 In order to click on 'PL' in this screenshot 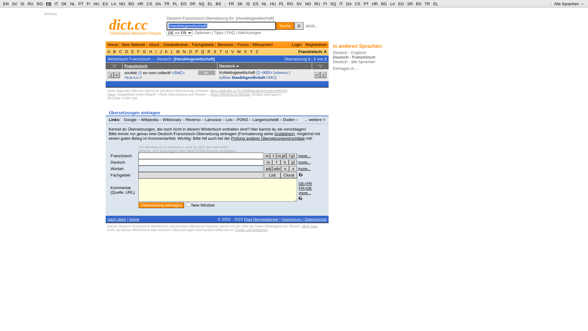, I will do `click(172, 4)`.